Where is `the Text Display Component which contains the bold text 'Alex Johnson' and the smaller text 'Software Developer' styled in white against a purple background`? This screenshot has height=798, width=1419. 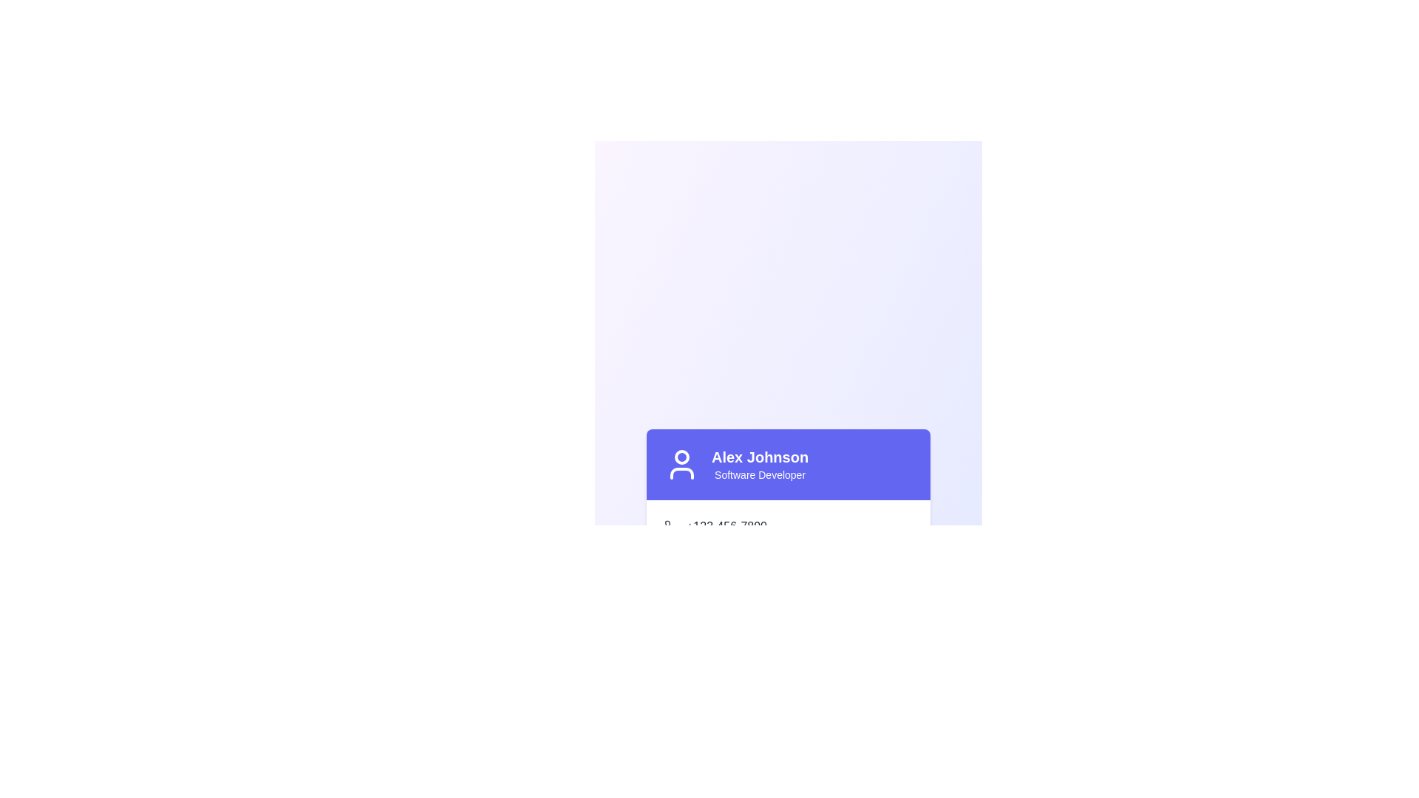
the Text Display Component which contains the bold text 'Alex Johnson' and the smaller text 'Software Developer' styled in white against a purple background is located at coordinates (760, 463).